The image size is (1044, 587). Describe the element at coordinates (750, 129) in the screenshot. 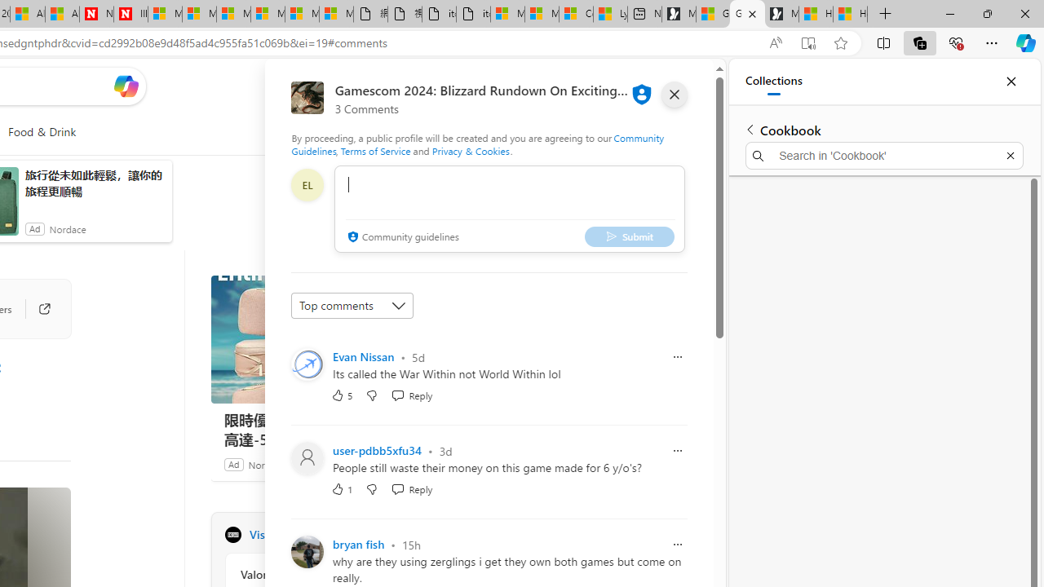

I see `'Back to list of collections'` at that location.